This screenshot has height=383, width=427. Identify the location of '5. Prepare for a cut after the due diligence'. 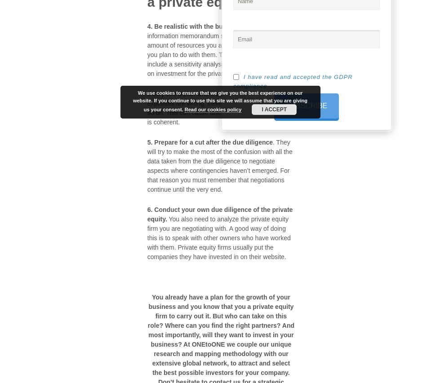
(209, 142).